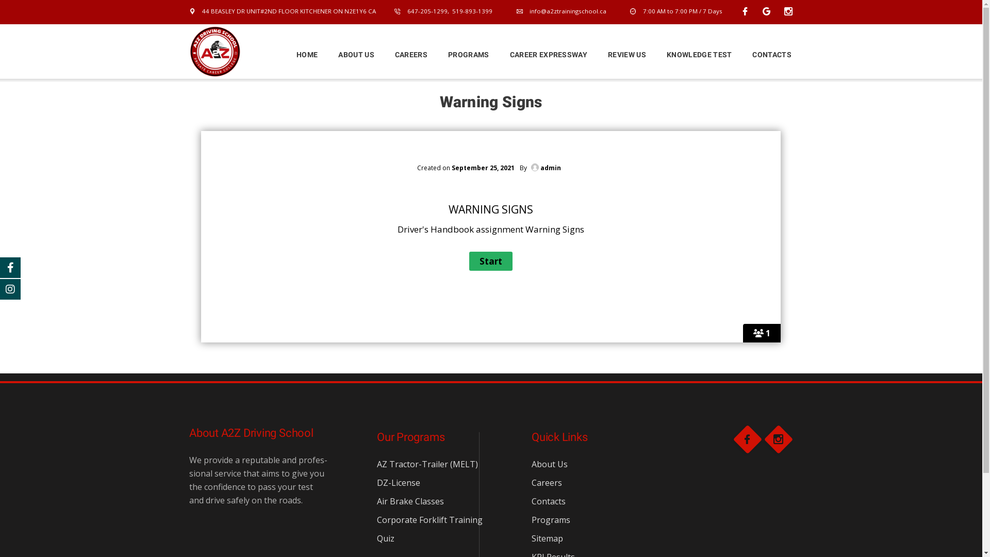  What do you see at coordinates (410, 54) in the screenshot?
I see `'CAREERS'` at bounding box center [410, 54].